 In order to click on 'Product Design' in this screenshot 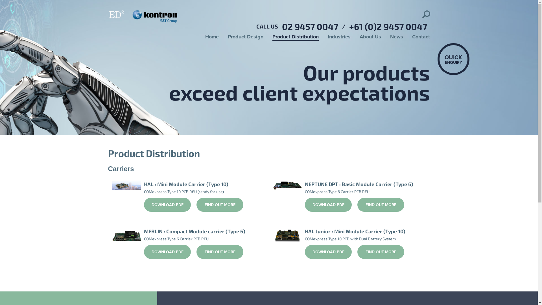, I will do `click(245, 37)`.